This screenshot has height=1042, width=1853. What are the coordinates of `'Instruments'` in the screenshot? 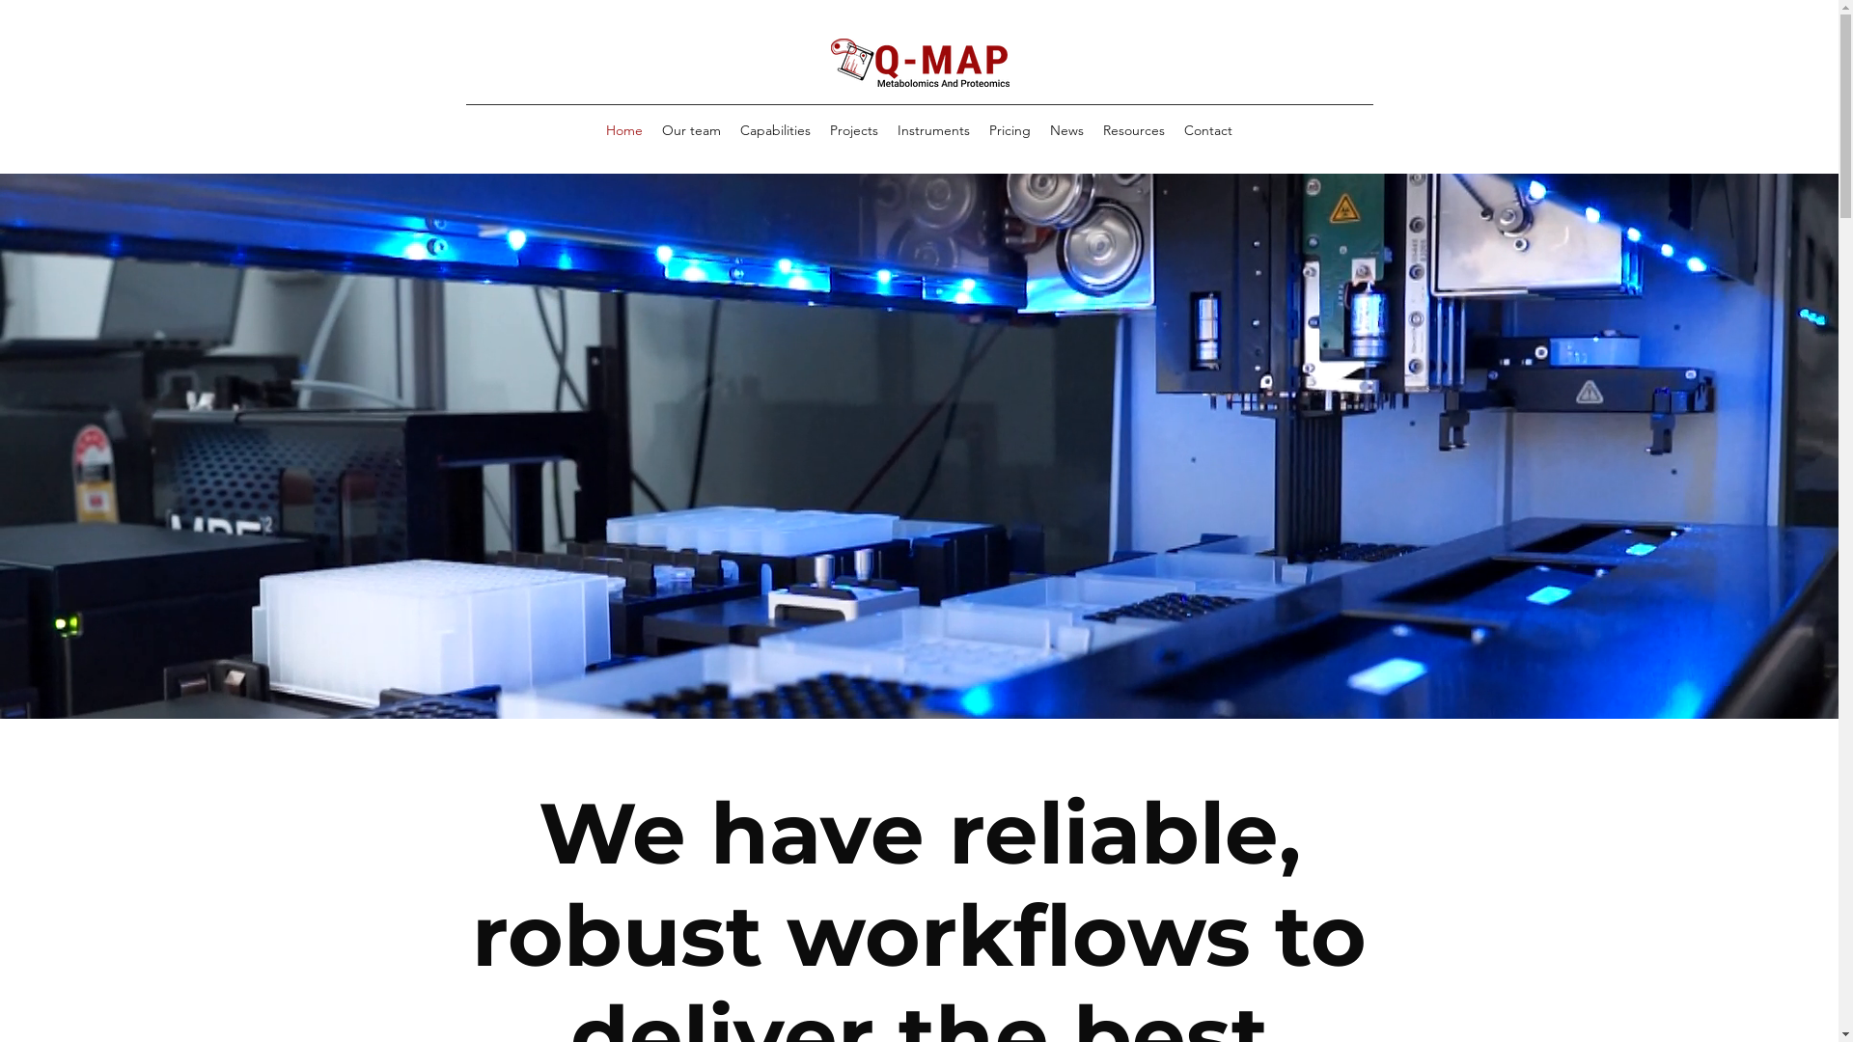 It's located at (933, 130).